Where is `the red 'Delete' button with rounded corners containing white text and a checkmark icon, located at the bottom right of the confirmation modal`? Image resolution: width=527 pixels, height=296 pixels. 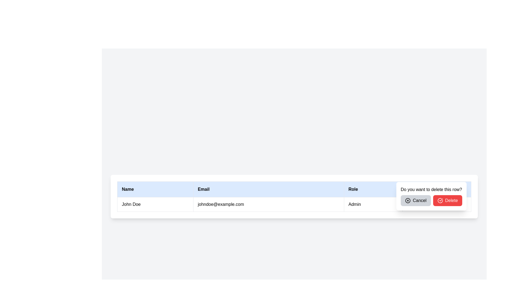
the red 'Delete' button with rounded corners containing white text and a checkmark icon, located at the bottom right of the confirmation modal is located at coordinates (447, 200).